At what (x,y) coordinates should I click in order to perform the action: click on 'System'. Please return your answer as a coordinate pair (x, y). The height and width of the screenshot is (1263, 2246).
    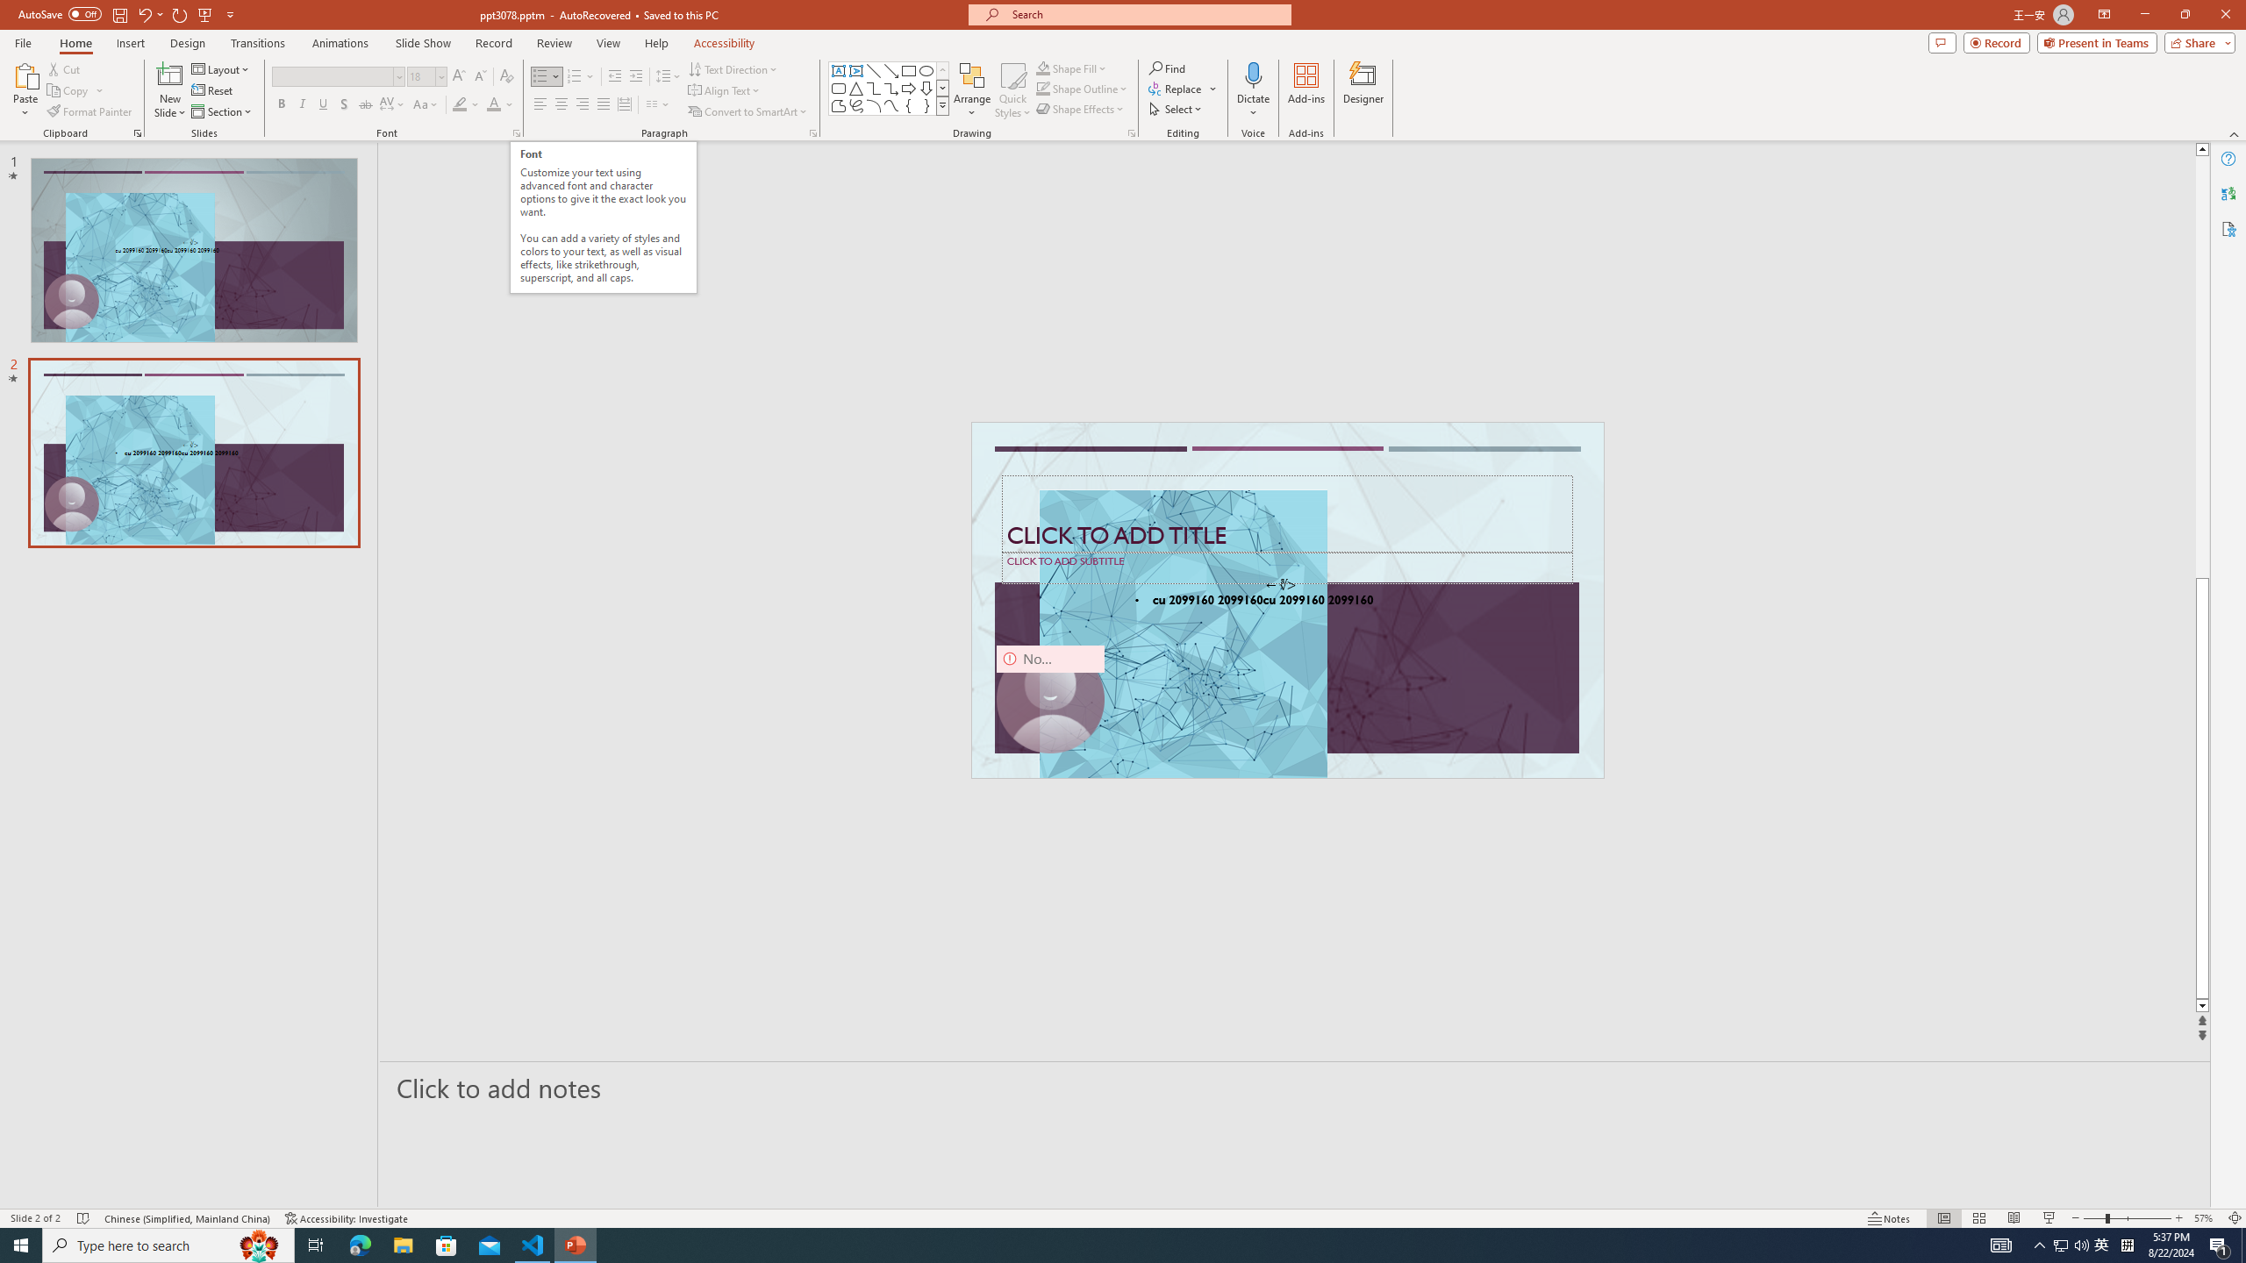
    Looking at the image, I should click on (10, 8).